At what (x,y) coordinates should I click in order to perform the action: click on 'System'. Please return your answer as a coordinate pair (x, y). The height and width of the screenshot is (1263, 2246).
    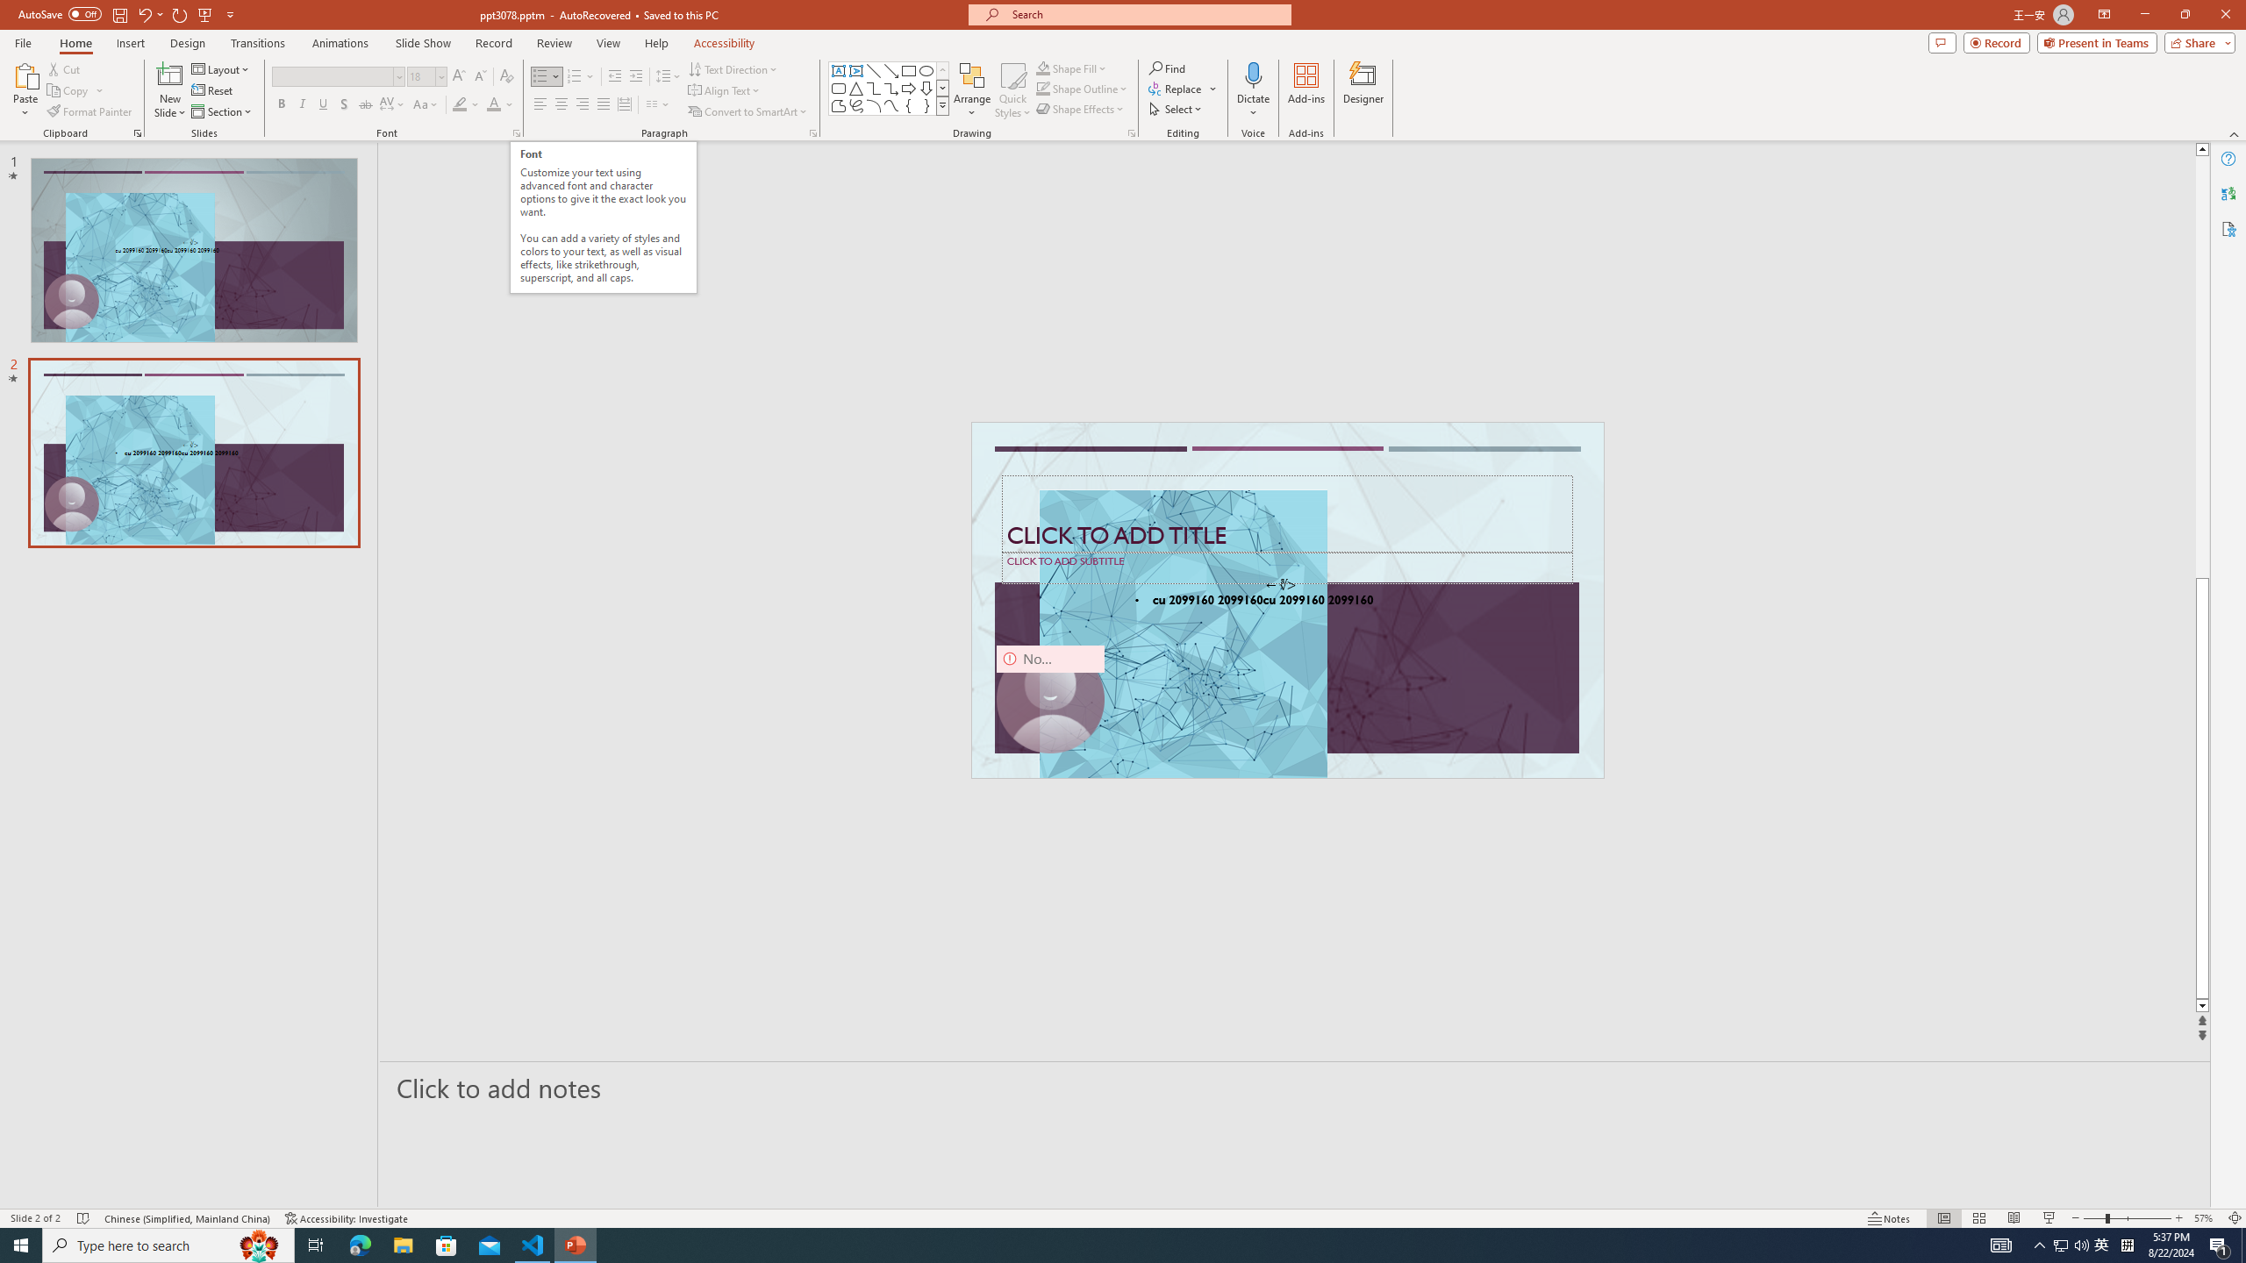
    Looking at the image, I should click on (10, 8).